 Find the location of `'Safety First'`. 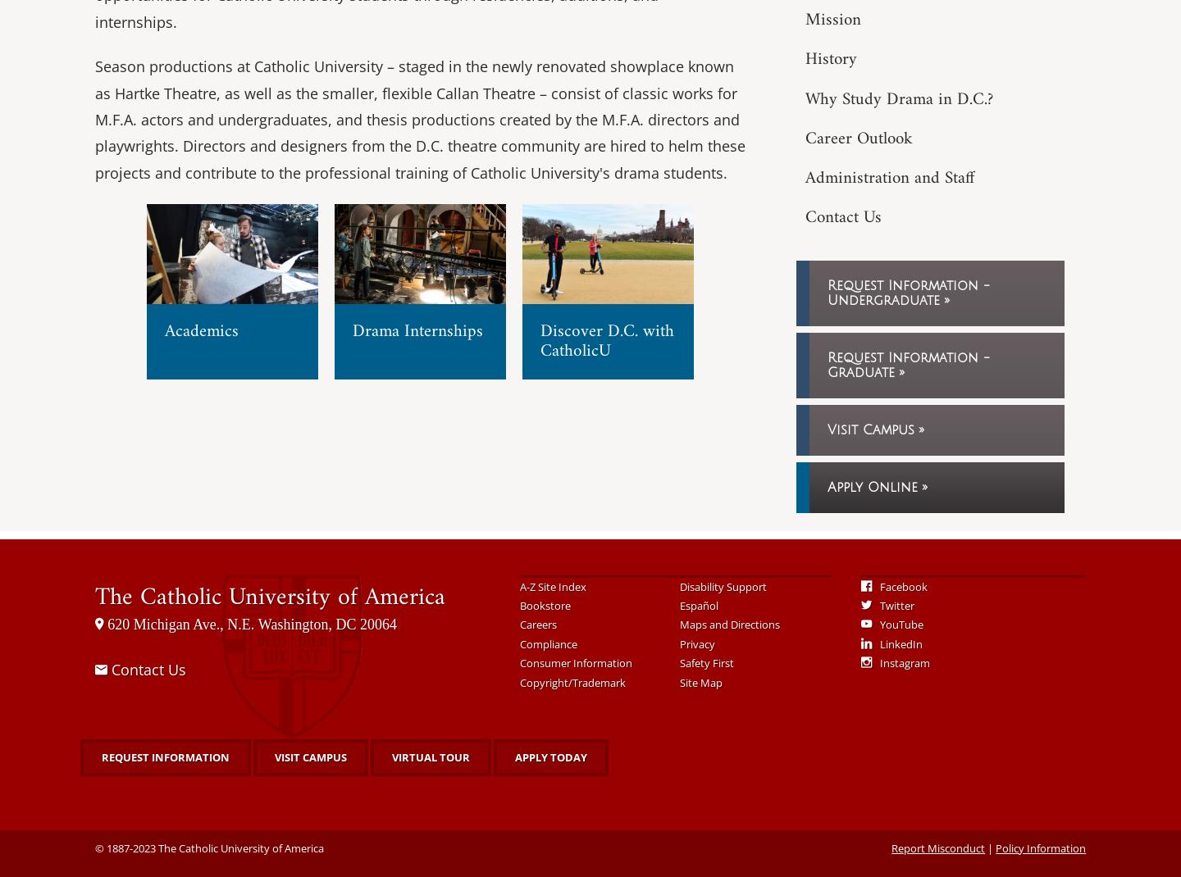

'Safety First' is located at coordinates (705, 663).